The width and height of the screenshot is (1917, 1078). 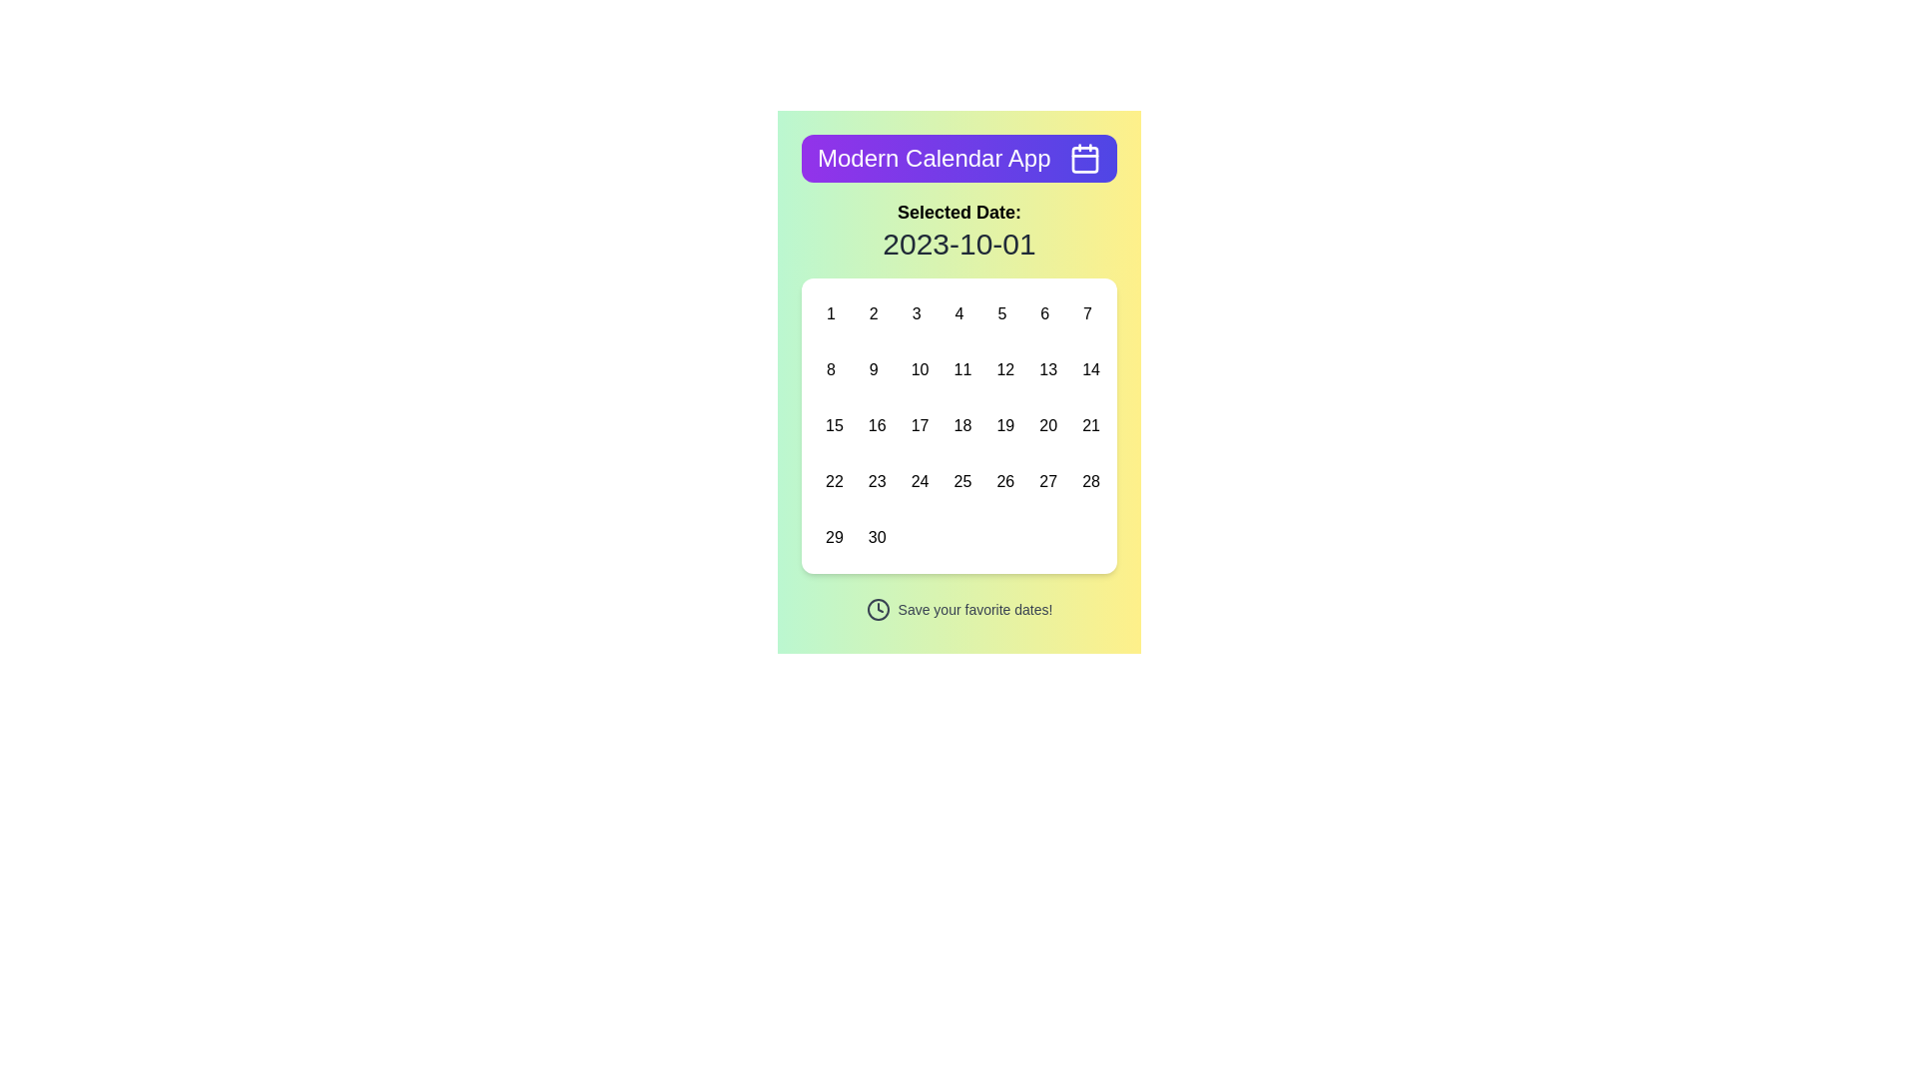 I want to click on the SVG circle element that serves as the boundary of the clock icon, which is located in the bottom section of the interface, below the calendar grid and above the text 'Save your favorite dates!', so click(x=878, y=608).